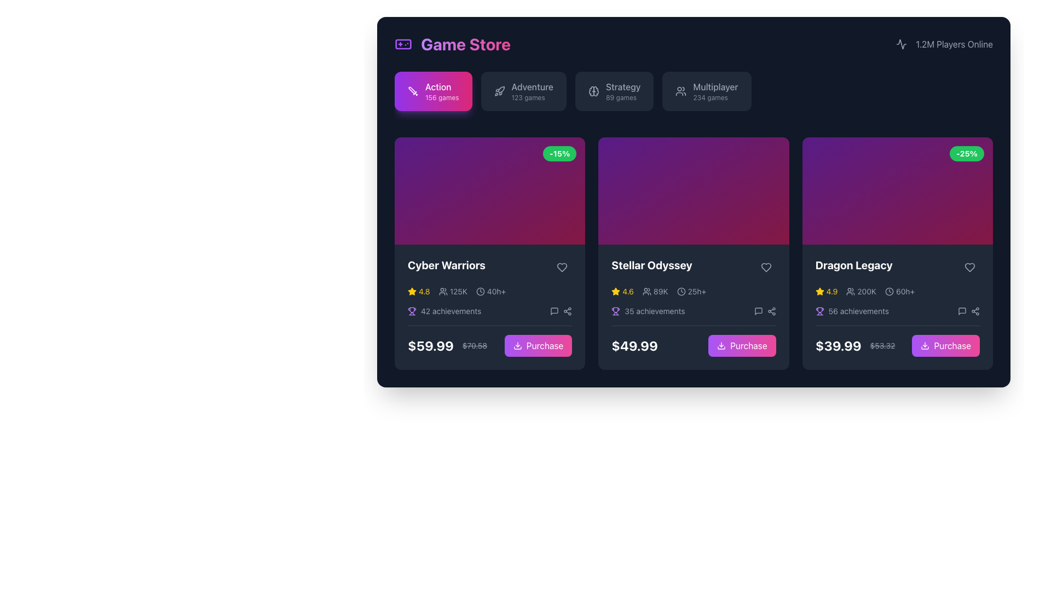  What do you see at coordinates (765, 267) in the screenshot?
I see `the favorite button located in the top-right corner of the 'Stellar Odyssey' card` at bounding box center [765, 267].